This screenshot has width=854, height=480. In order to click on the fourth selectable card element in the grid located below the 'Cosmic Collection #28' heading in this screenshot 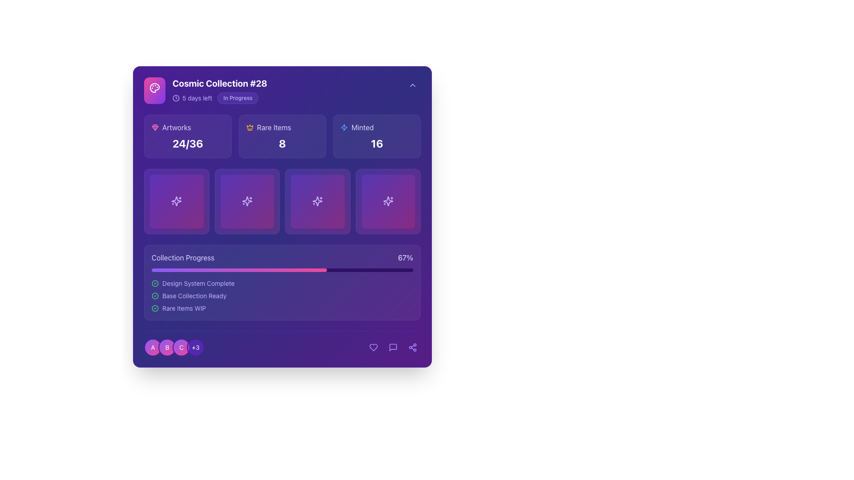, I will do `click(388, 201)`.